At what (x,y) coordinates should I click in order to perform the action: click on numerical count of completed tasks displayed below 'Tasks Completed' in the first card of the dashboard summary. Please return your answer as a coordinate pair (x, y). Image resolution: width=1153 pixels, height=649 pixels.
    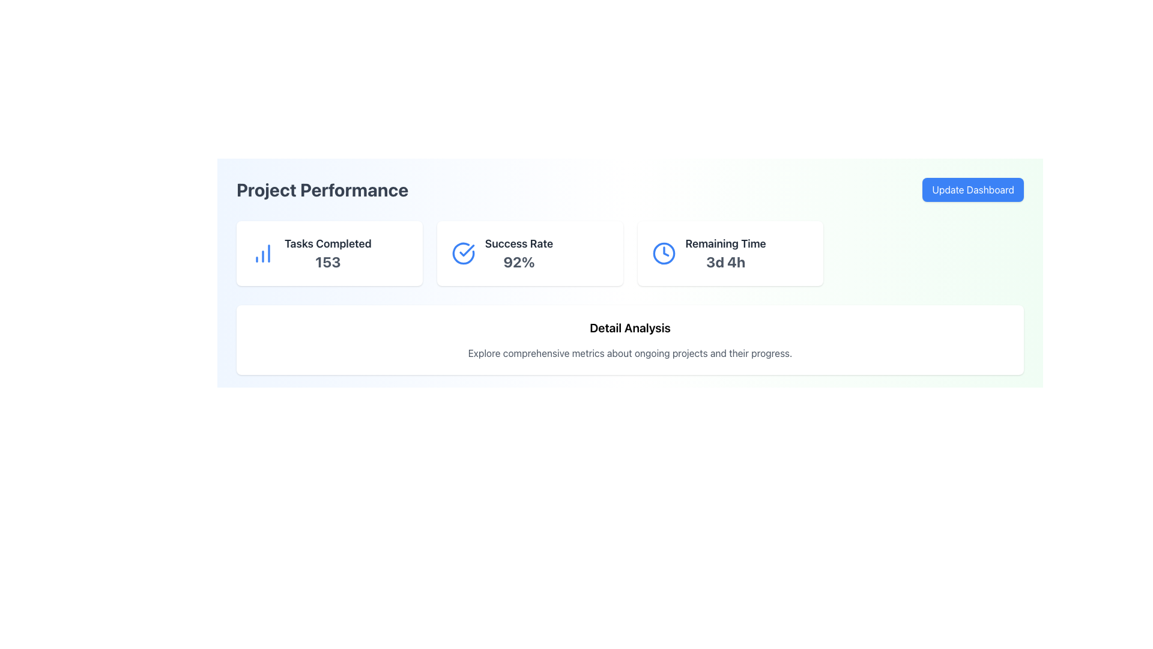
    Looking at the image, I should click on (328, 261).